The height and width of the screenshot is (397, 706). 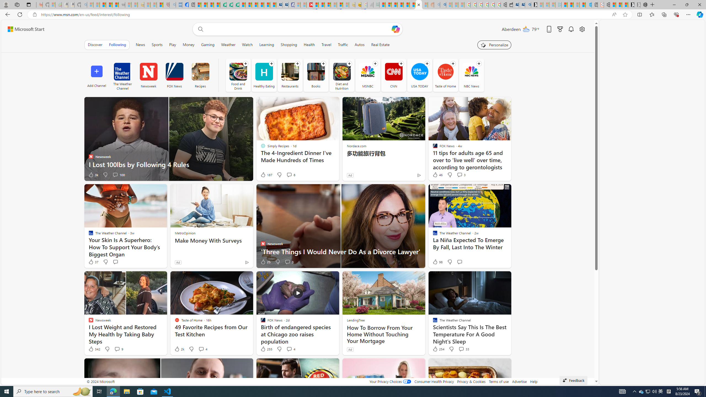 What do you see at coordinates (266, 44) in the screenshot?
I see `'Learning'` at bounding box center [266, 44].